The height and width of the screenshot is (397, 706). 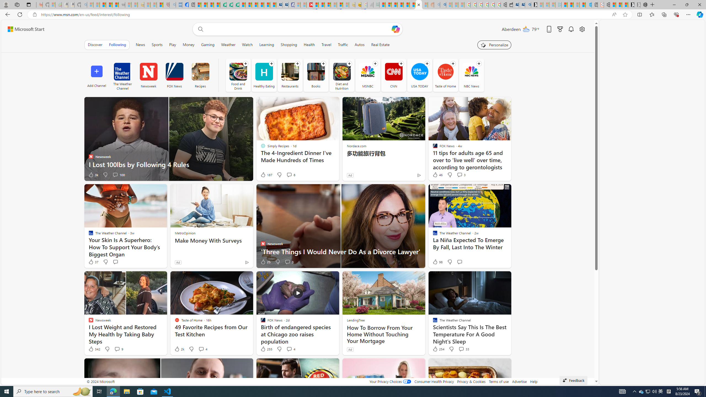 What do you see at coordinates (266, 44) in the screenshot?
I see `'Learning'` at bounding box center [266, 44].